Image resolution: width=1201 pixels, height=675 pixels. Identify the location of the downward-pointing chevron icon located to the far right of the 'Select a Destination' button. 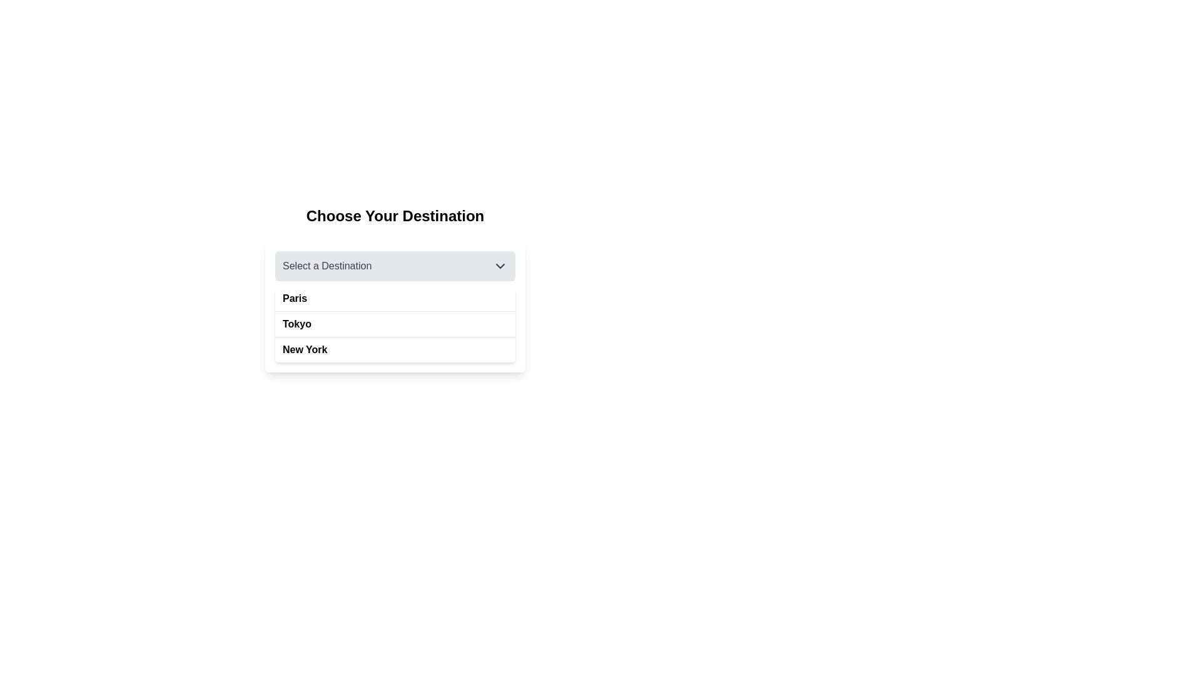
(500, 265).